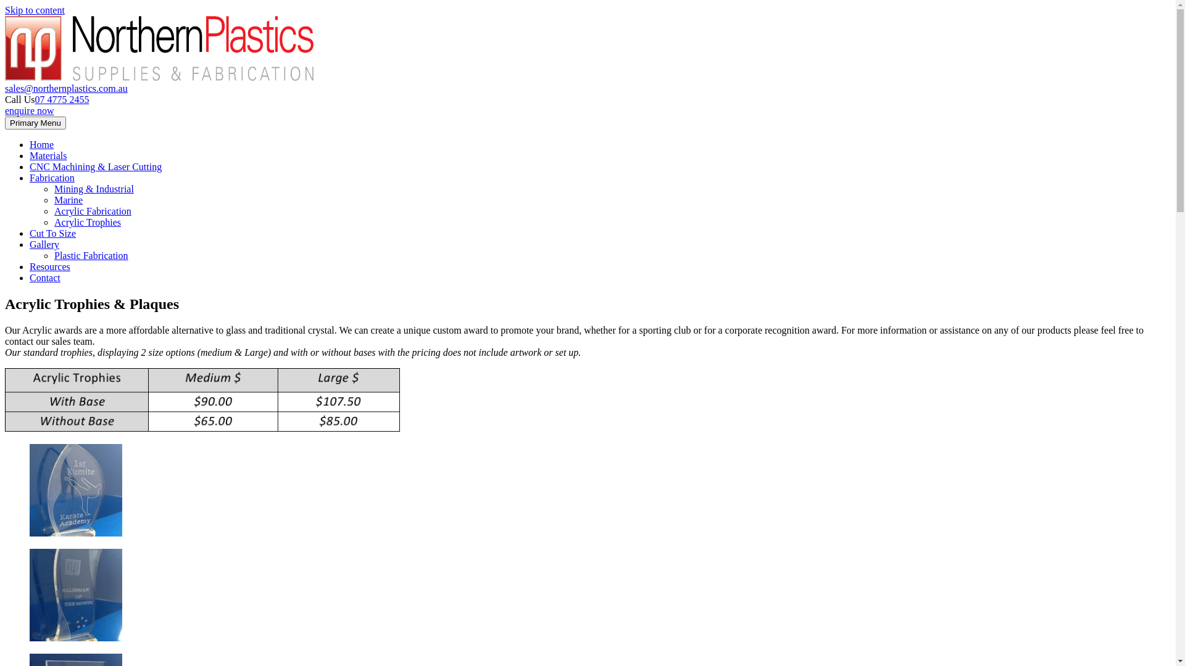 The height and width of the screenshot is (666, 1185). What do you see at coordinates (35, 10) in the screenshot?
I see `'Skip to content'` at bounding box center [35, 10].